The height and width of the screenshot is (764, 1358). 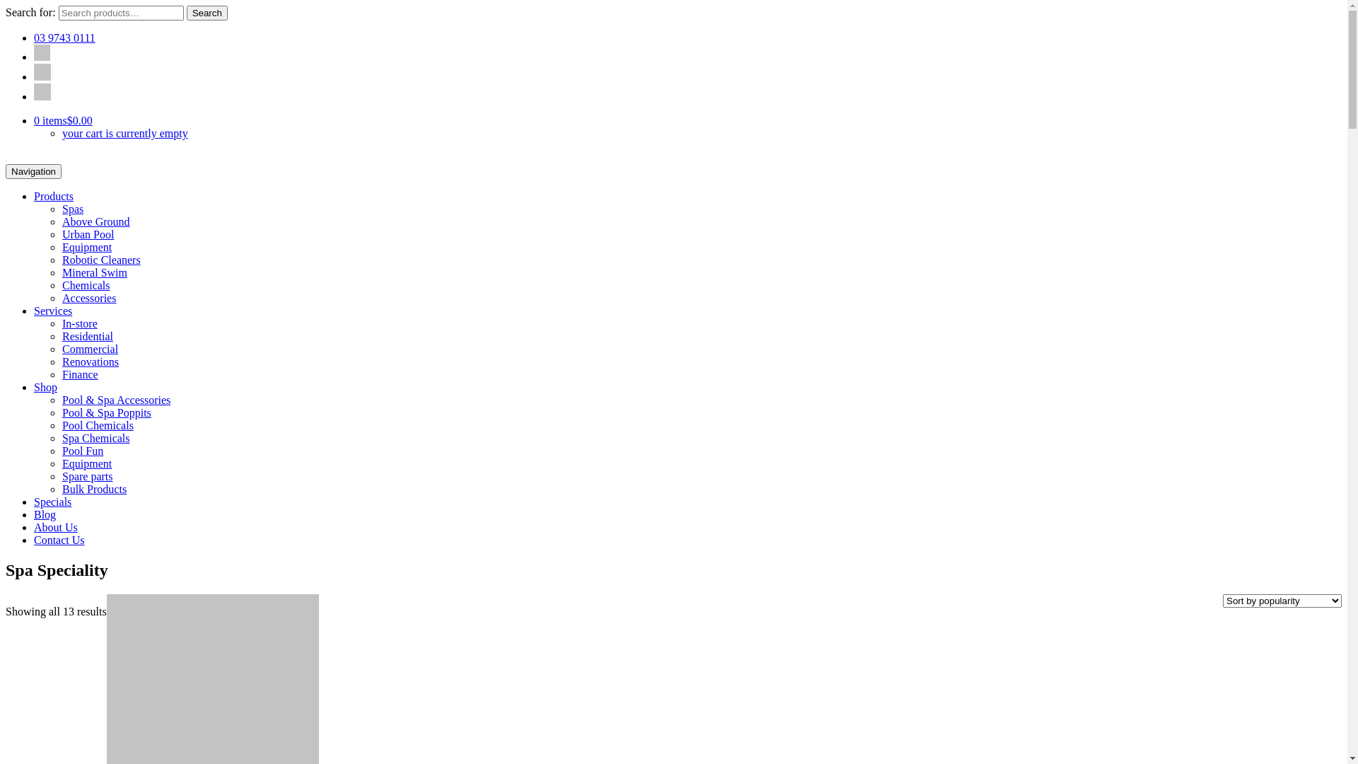 What do you see at coordinates (33, 170) in the screenshot?
I see `'Navigation'` at bounding box center [33, 170].